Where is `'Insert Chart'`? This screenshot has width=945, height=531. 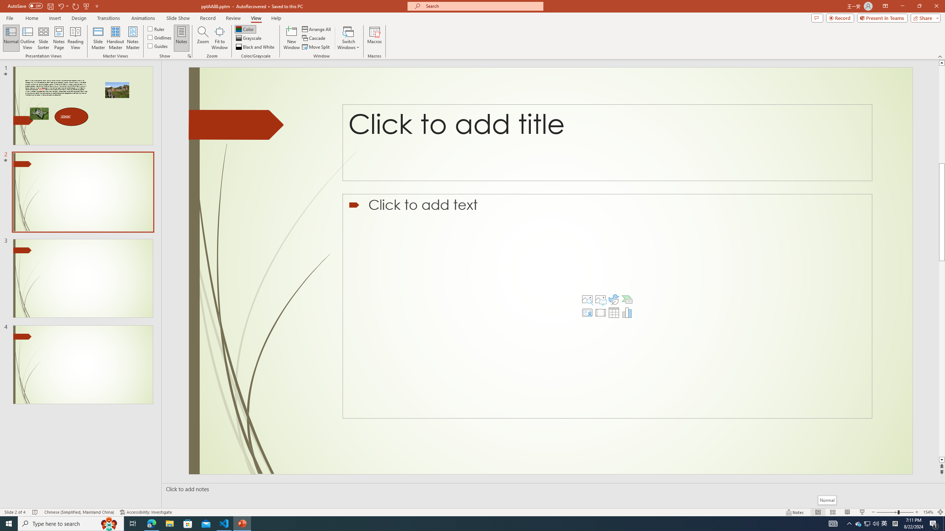
'Insert Chart' is located at coordinates (626, 312).